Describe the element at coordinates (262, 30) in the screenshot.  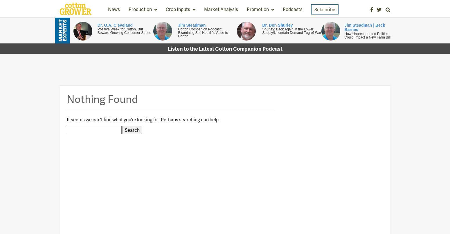
I see `'Shurley: Back Again in the Lower Supply/Uncertain Demand Tug-of-War'` at that location.